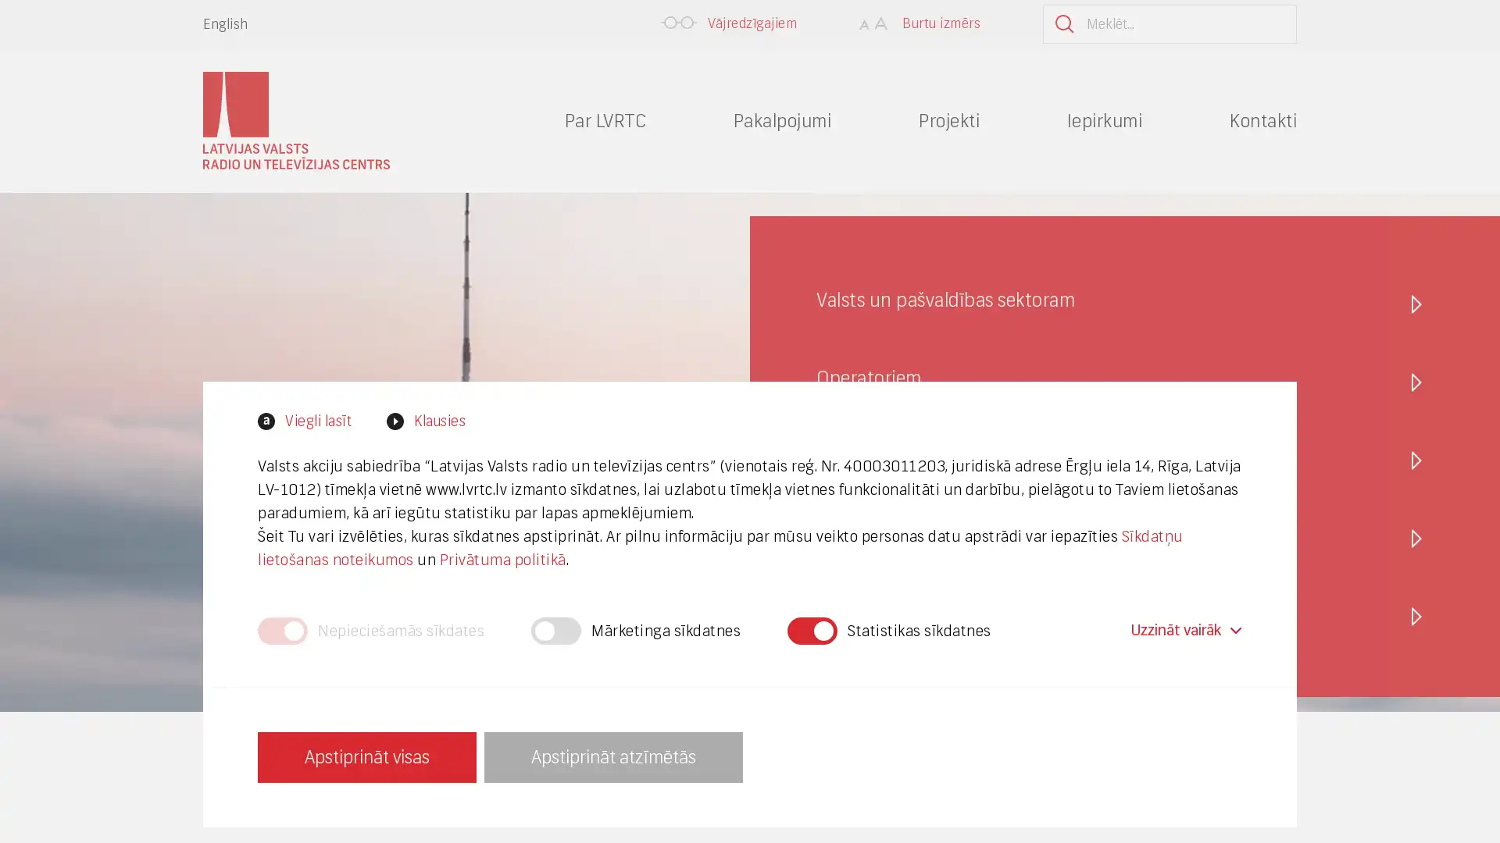  I want to click on Apstiprinat visas, so click(366, 756).